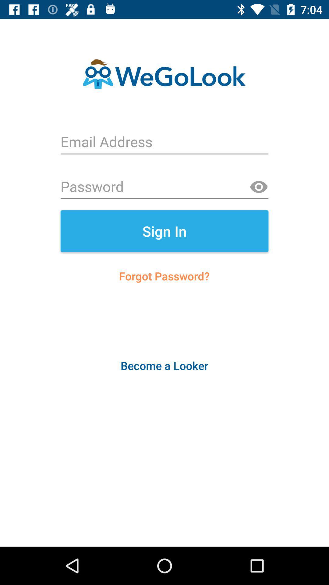  I want to click on become a looker item, so click(164, 366).